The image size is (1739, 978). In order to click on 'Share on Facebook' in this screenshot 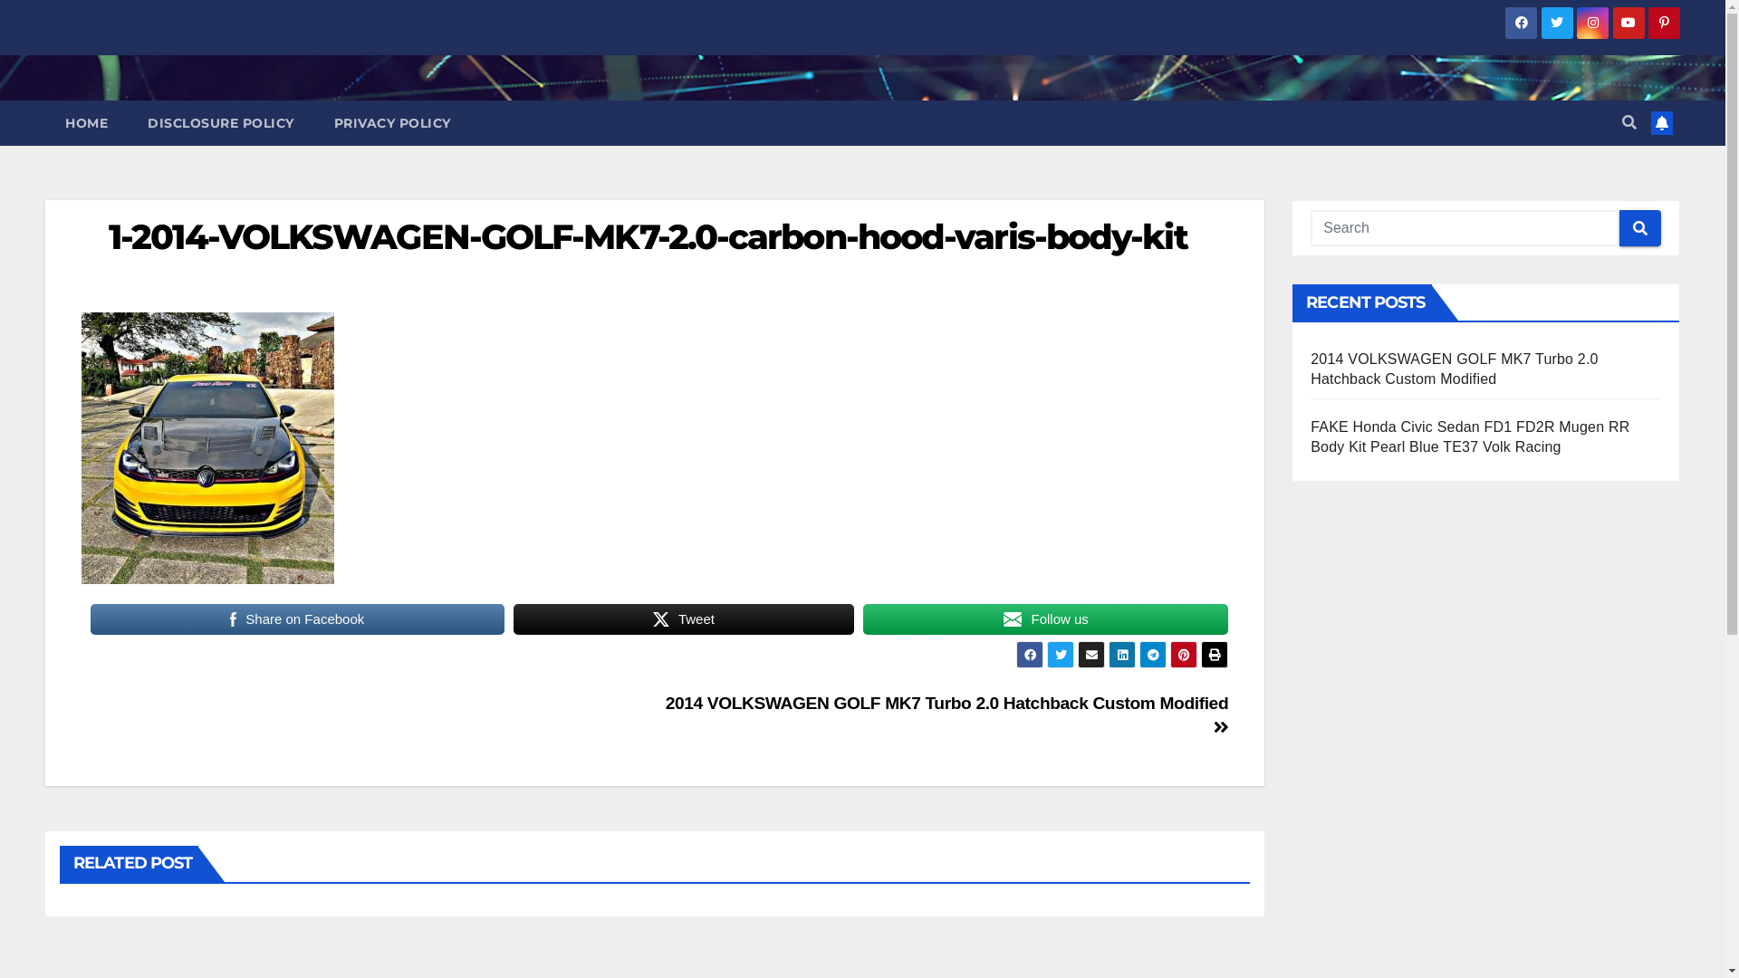, I will do `click(297, 618)`.